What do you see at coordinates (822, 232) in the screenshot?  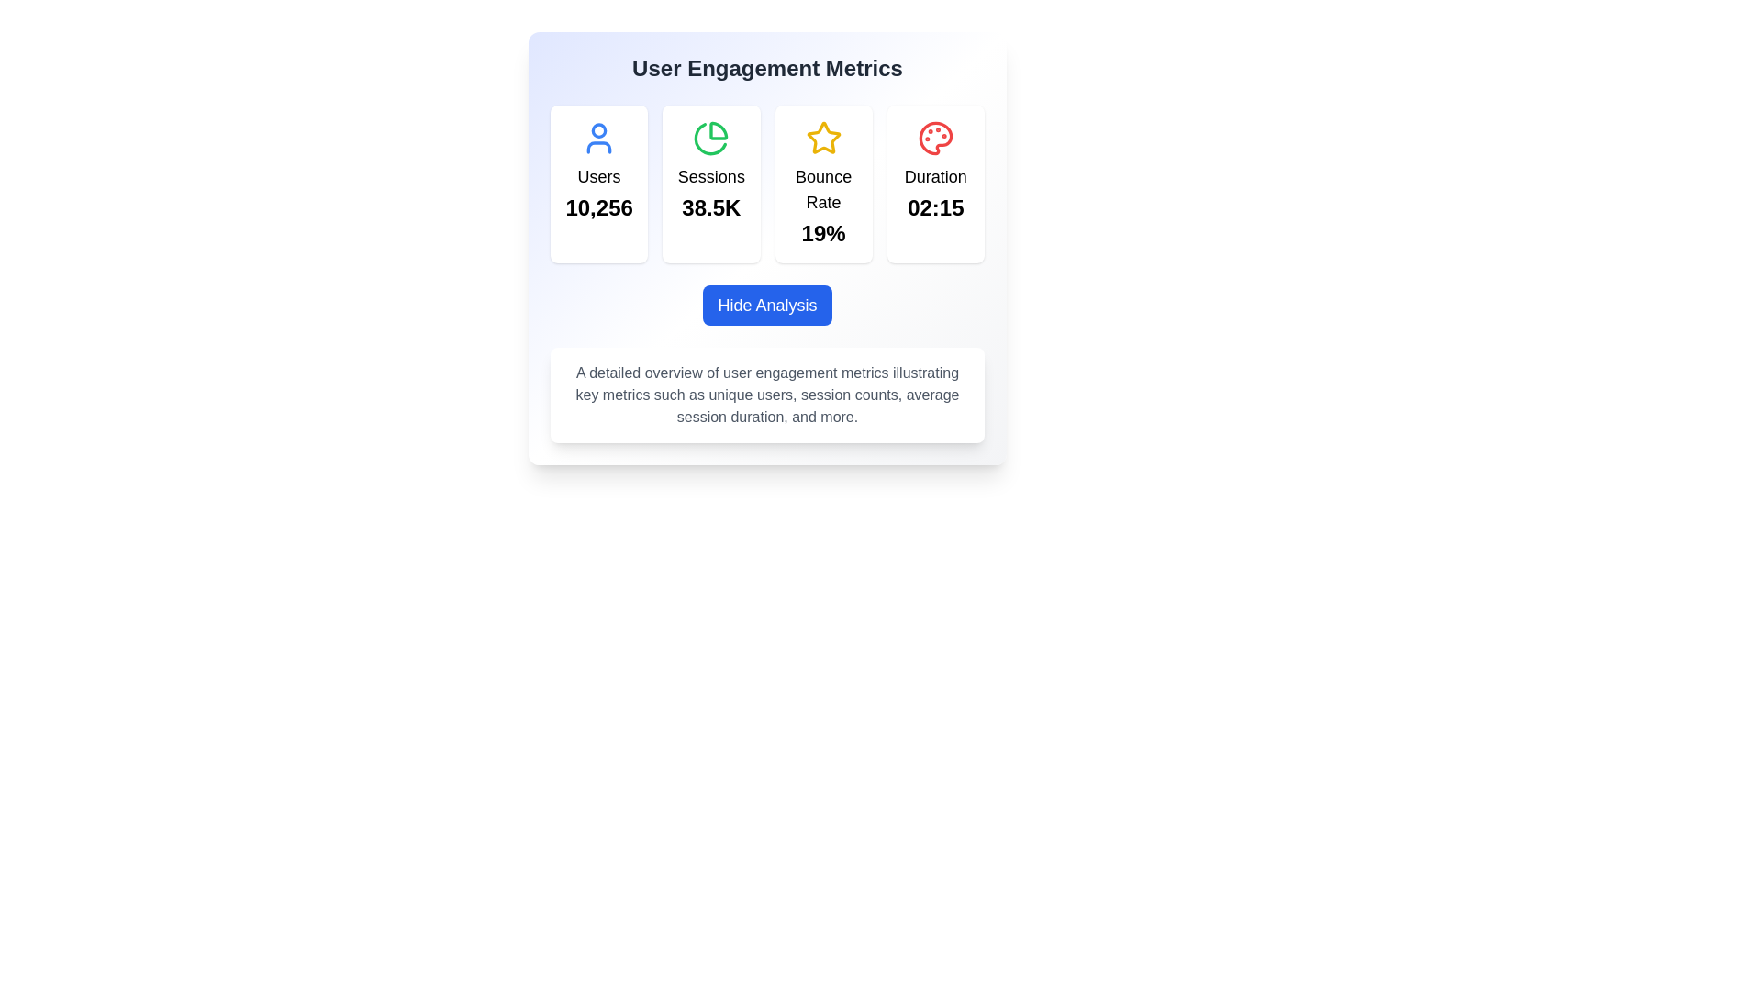 I see `the static text element displaying the bounce rate percentage, located below the 'Bounce Rate' label in the 'User Engagement Metrics' section` at bounding box center [822, 232].